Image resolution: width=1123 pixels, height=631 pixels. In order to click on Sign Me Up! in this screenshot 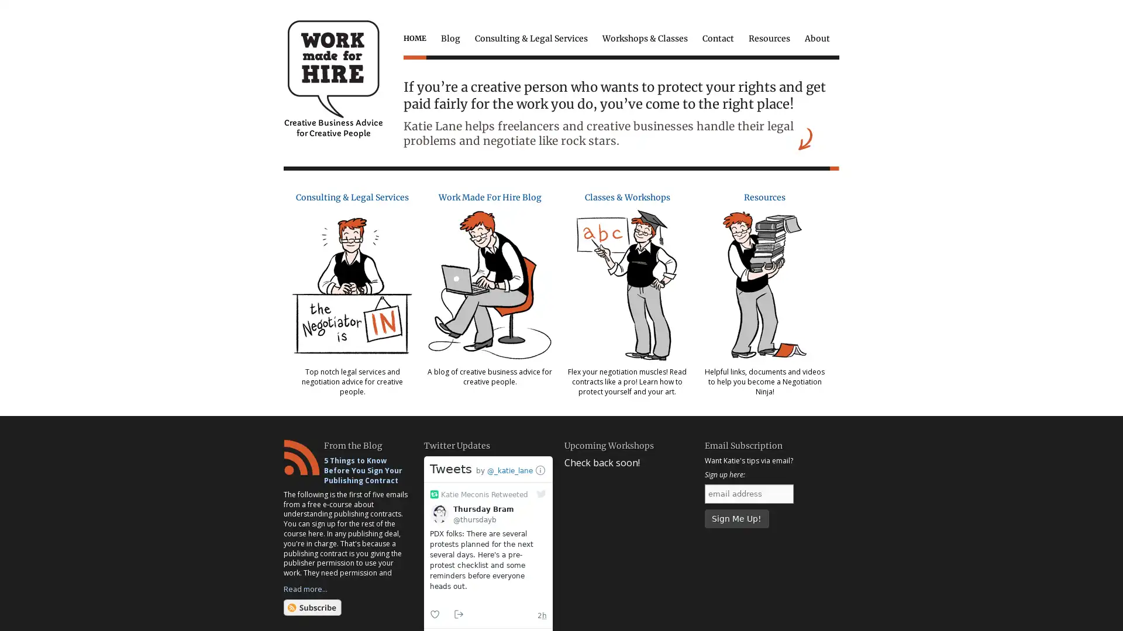, I will do `click(735, 518)`.